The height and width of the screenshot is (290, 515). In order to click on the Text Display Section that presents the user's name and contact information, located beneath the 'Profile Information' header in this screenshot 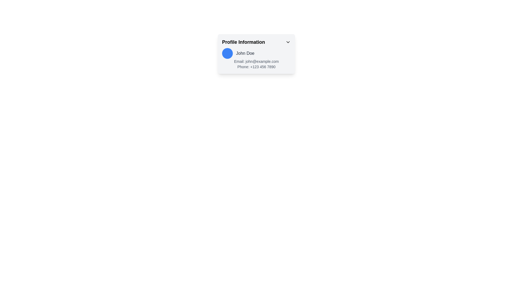, I will do `click(256, 59)`.